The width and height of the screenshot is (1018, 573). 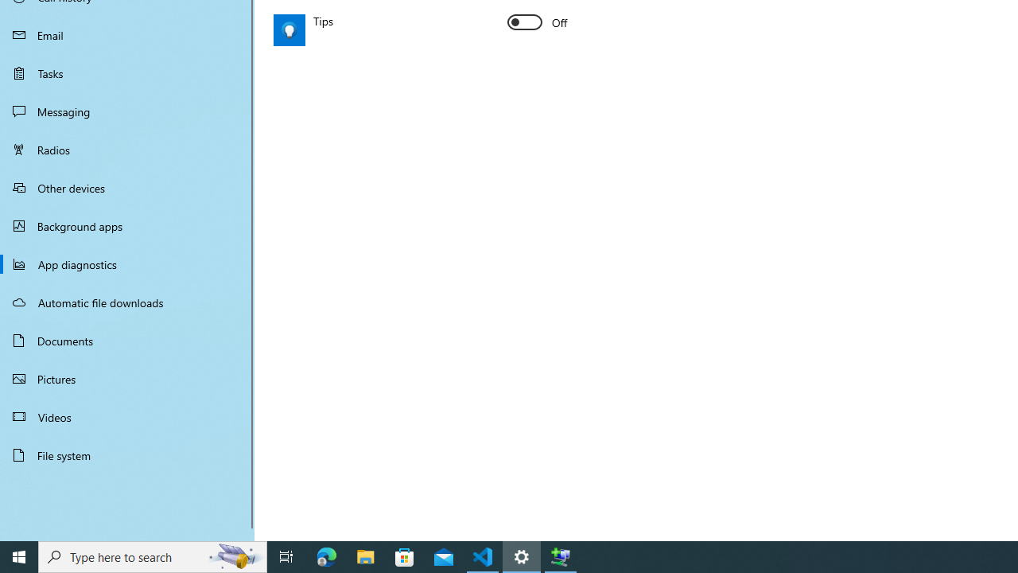 What do you see at coordinates (127, 72) in the screenshot?
I see `'Tasks'` at bounding box center [127, 72].